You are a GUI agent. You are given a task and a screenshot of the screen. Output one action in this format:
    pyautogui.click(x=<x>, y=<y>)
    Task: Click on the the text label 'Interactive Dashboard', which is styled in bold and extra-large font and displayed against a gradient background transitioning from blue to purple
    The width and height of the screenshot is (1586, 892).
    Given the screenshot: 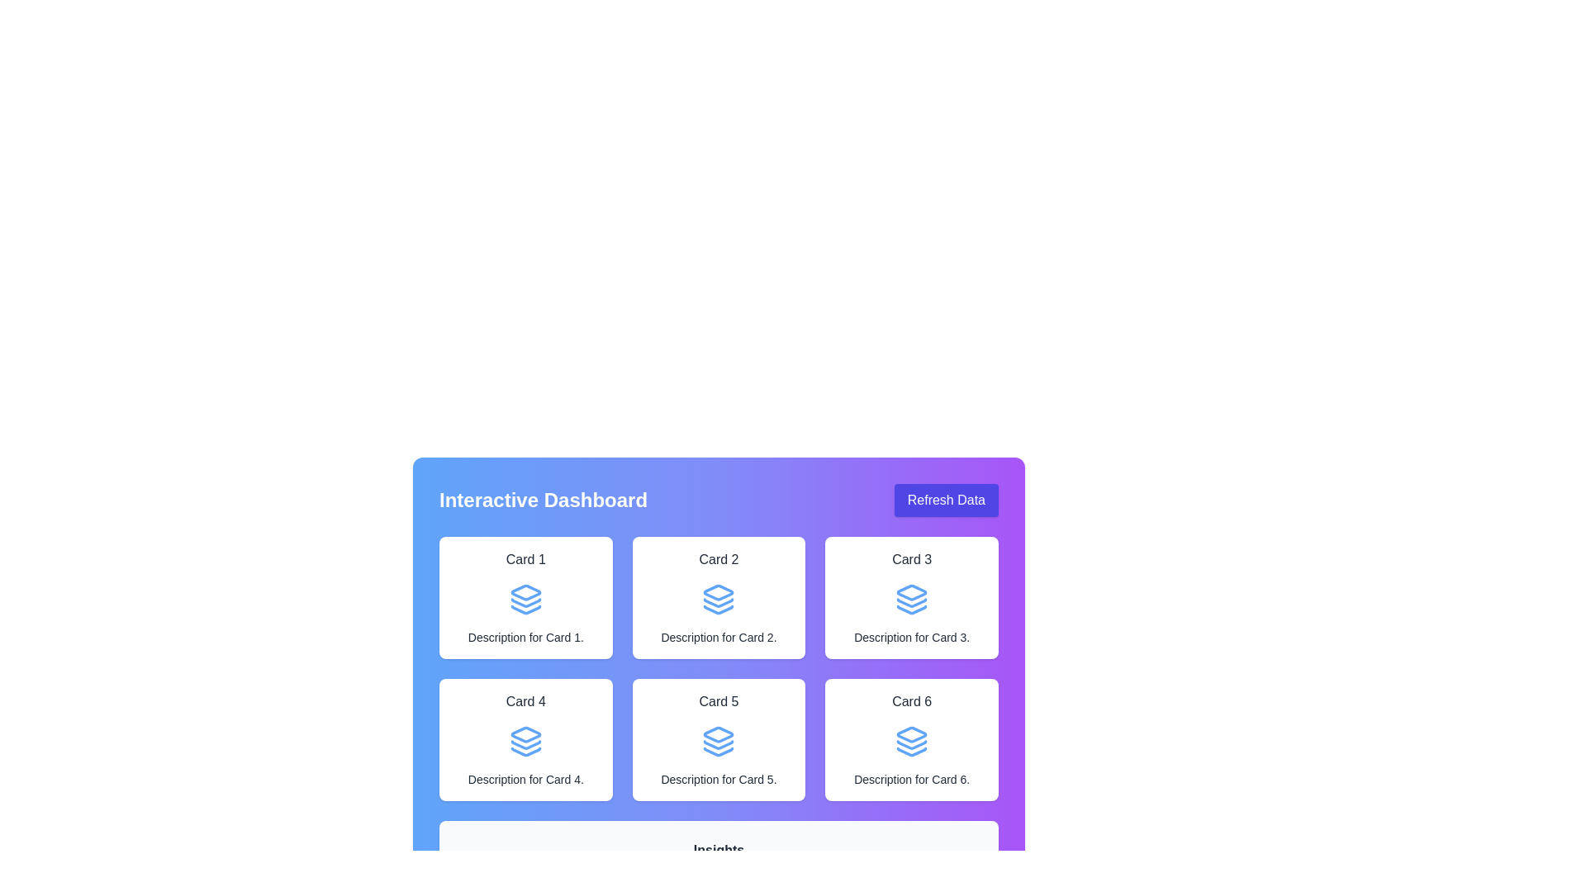 What is the action you would take?
    pyautogui.click(x=543, y=499)
    